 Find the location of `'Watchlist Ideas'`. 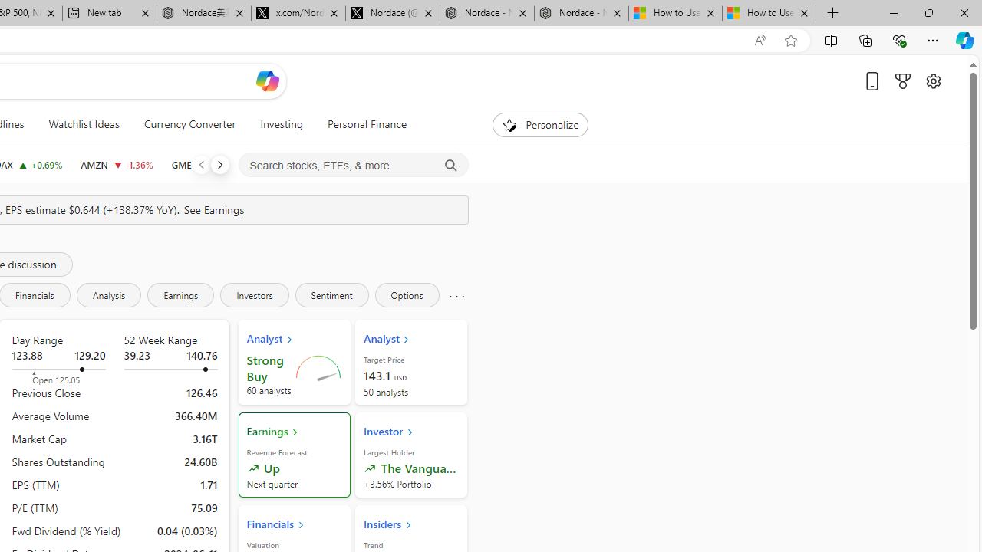

'Watchlist Ideas' is located at coordinates (83, 124).